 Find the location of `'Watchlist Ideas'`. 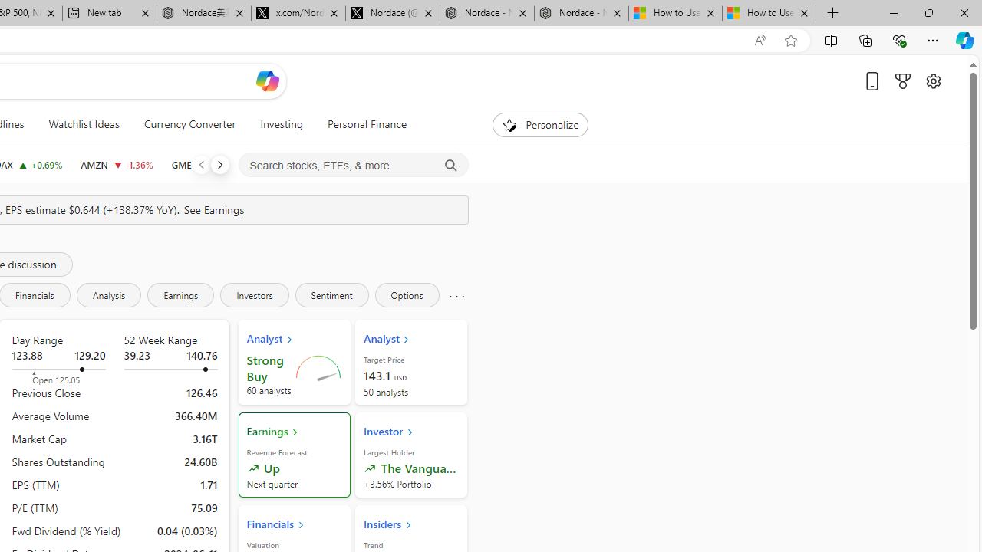

'Watchlist Ideas' is located at coordinates (83, 124).